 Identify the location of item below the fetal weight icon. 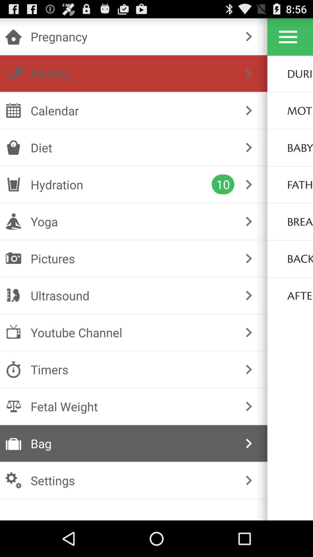
(132, 443).